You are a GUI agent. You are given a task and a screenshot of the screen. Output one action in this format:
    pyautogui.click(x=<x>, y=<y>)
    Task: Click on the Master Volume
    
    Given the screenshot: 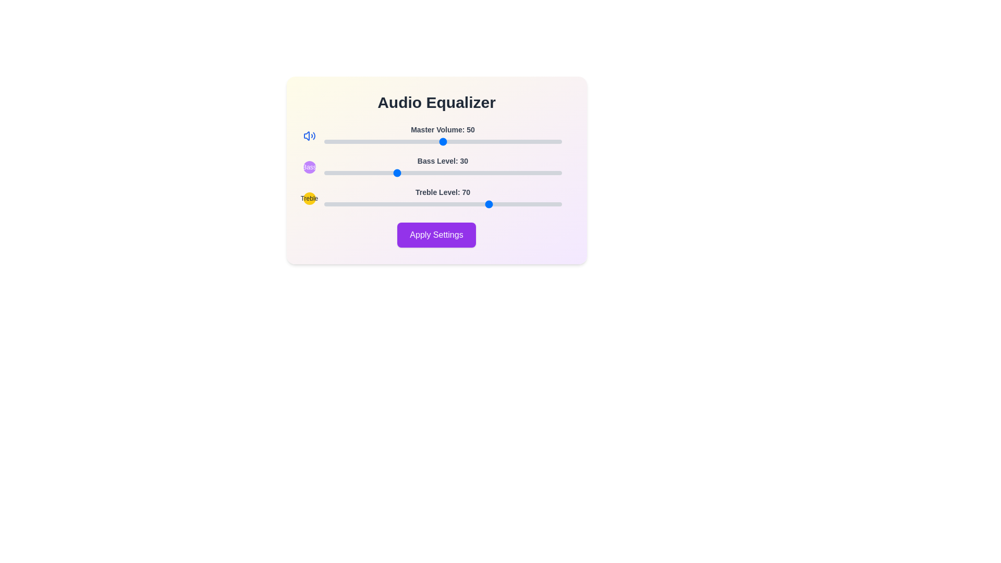 What is the action you would take?
    pyautogui.click(x=556, y=142)
    